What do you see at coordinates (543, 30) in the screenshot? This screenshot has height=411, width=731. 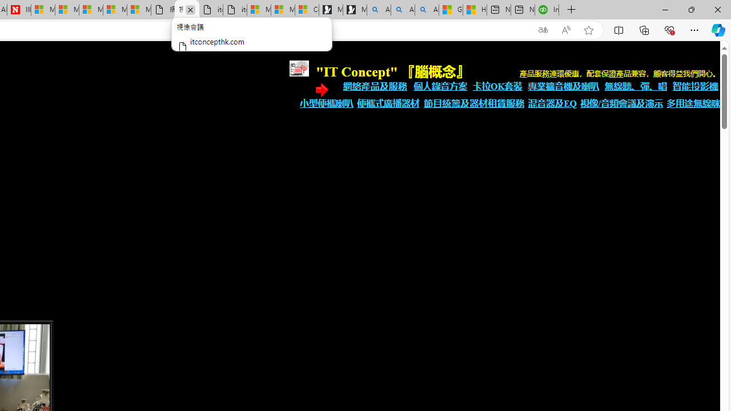 I see `'Show translate options'` at bounding box center [543, 30].